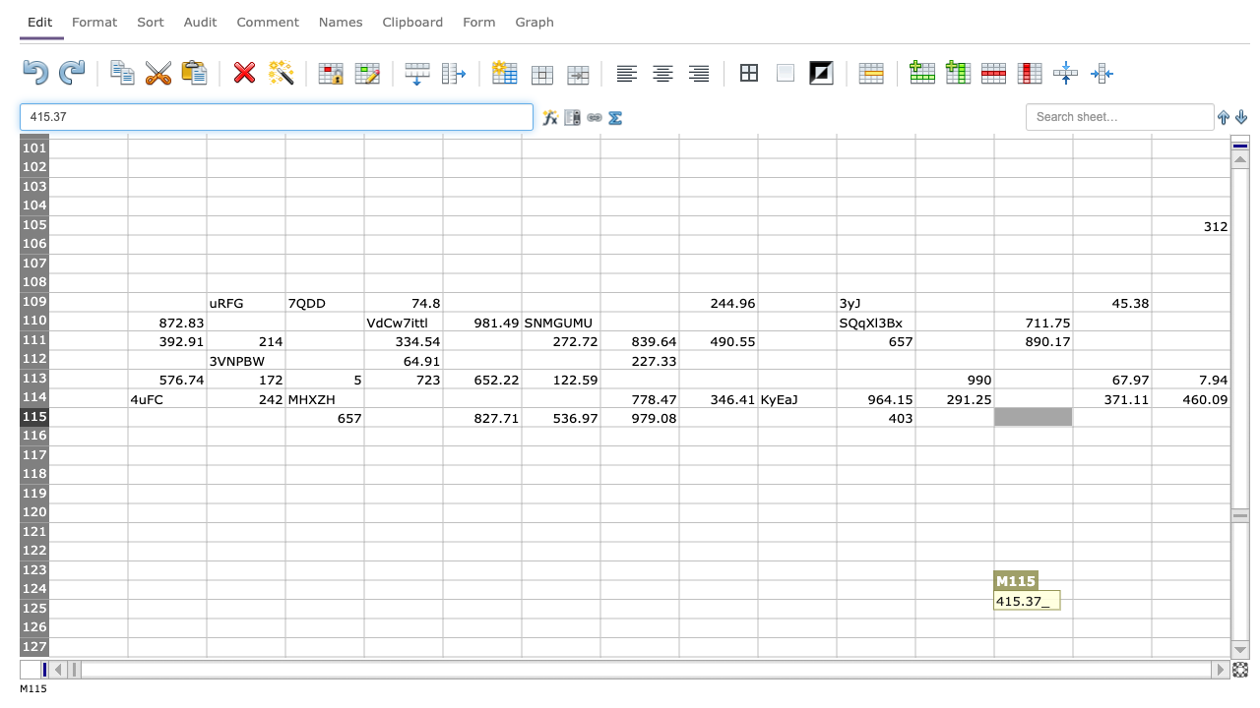 This screenshot has height=708, width=1260. Describe the element at coordinates (1189, 608) in the screenshot. I see `Cell at position O125` at that location.